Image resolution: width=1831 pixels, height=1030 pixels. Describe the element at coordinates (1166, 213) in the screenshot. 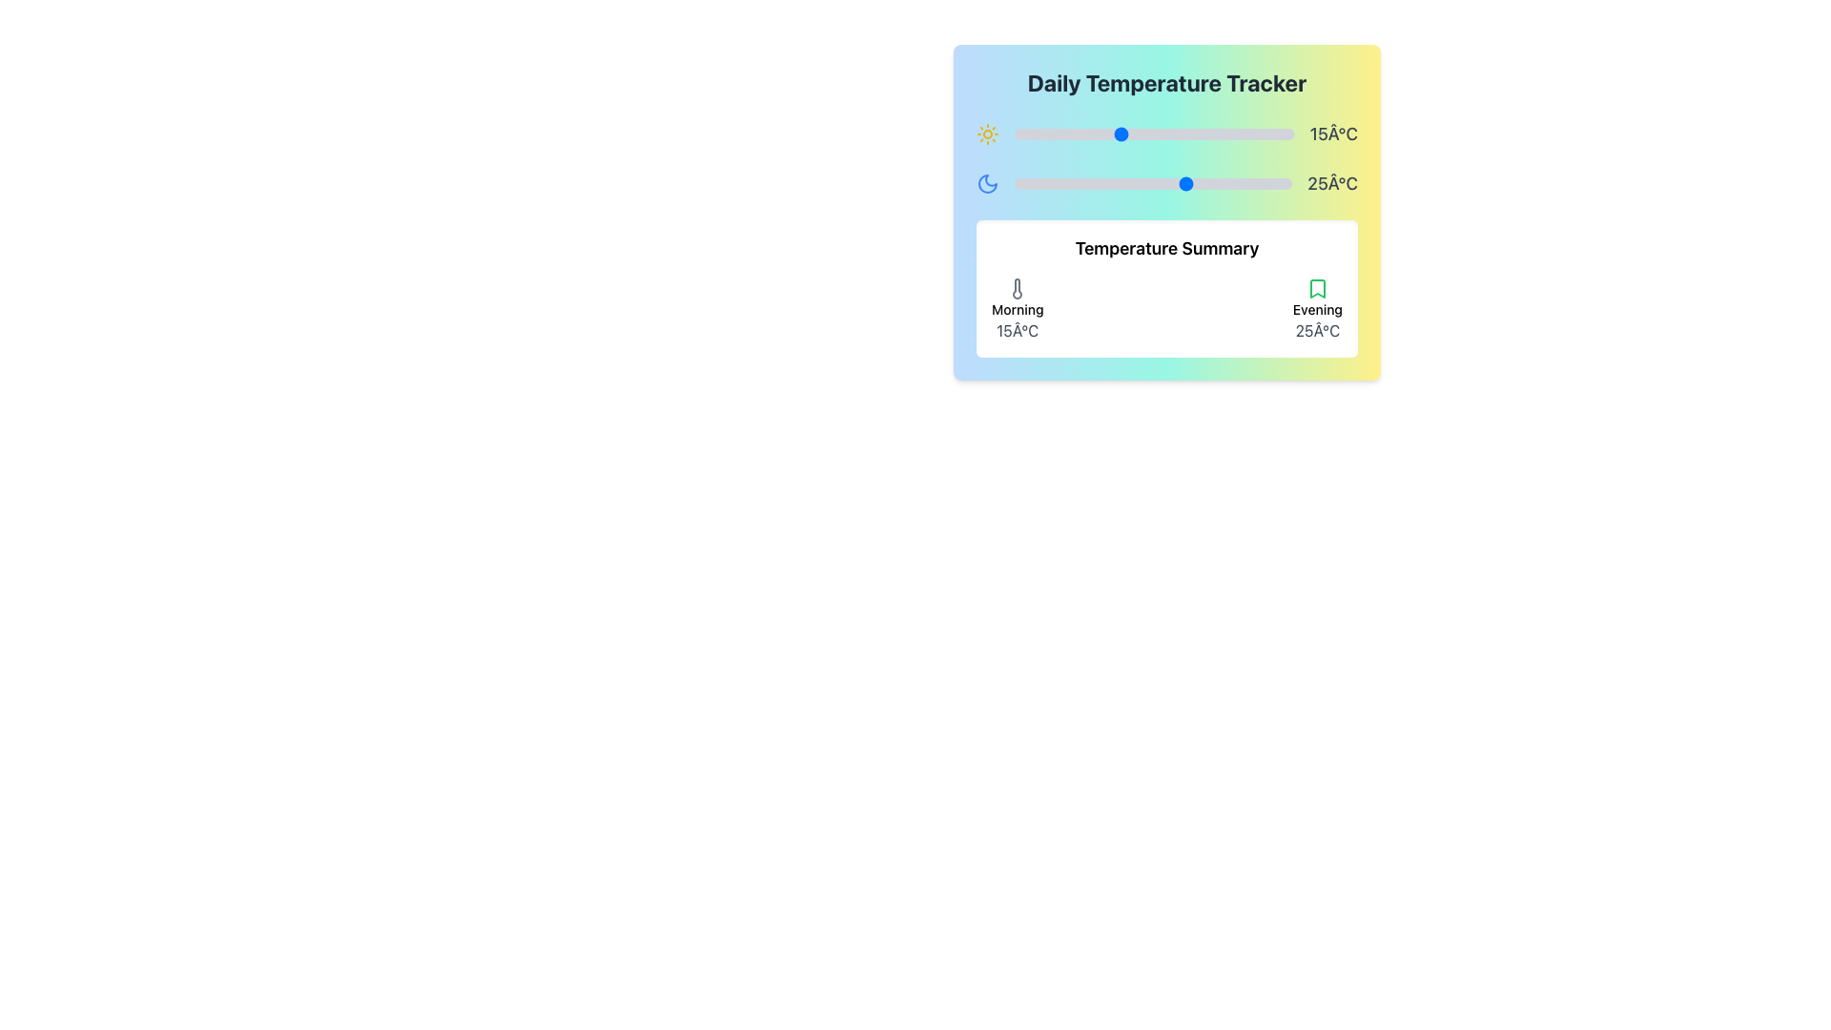

I see `the interactive Composite UI element that displays daily temperature statistics and allows adjustments via sliders` at that location.